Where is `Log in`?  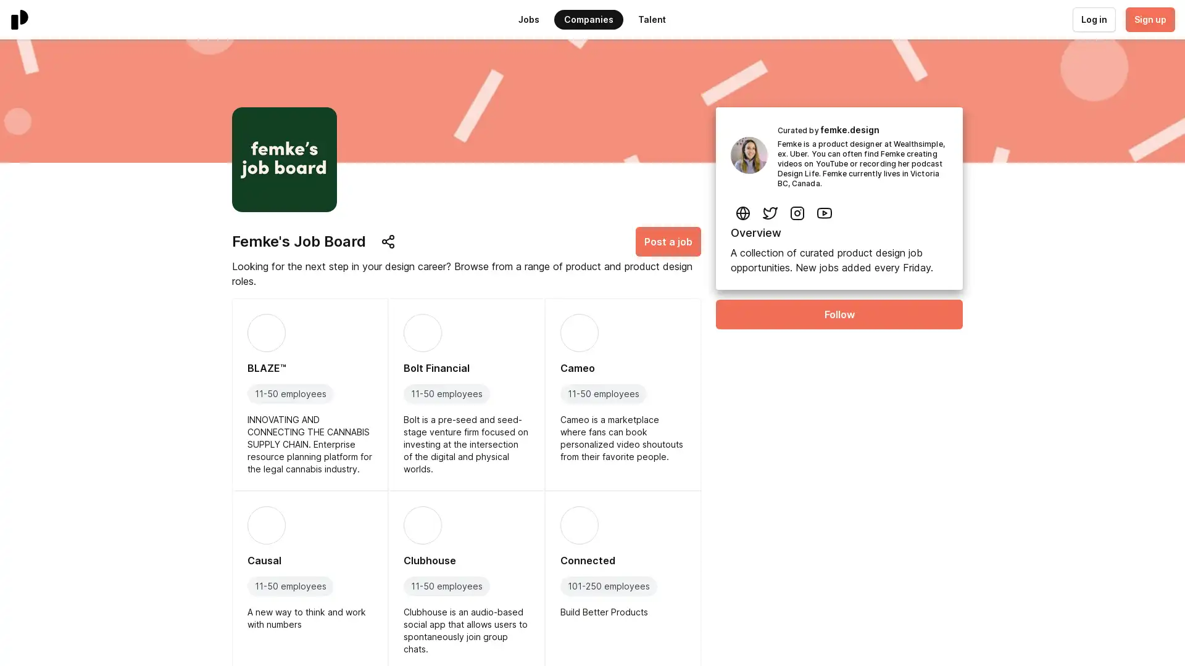 Log in is located at coordinates (1093, 19).